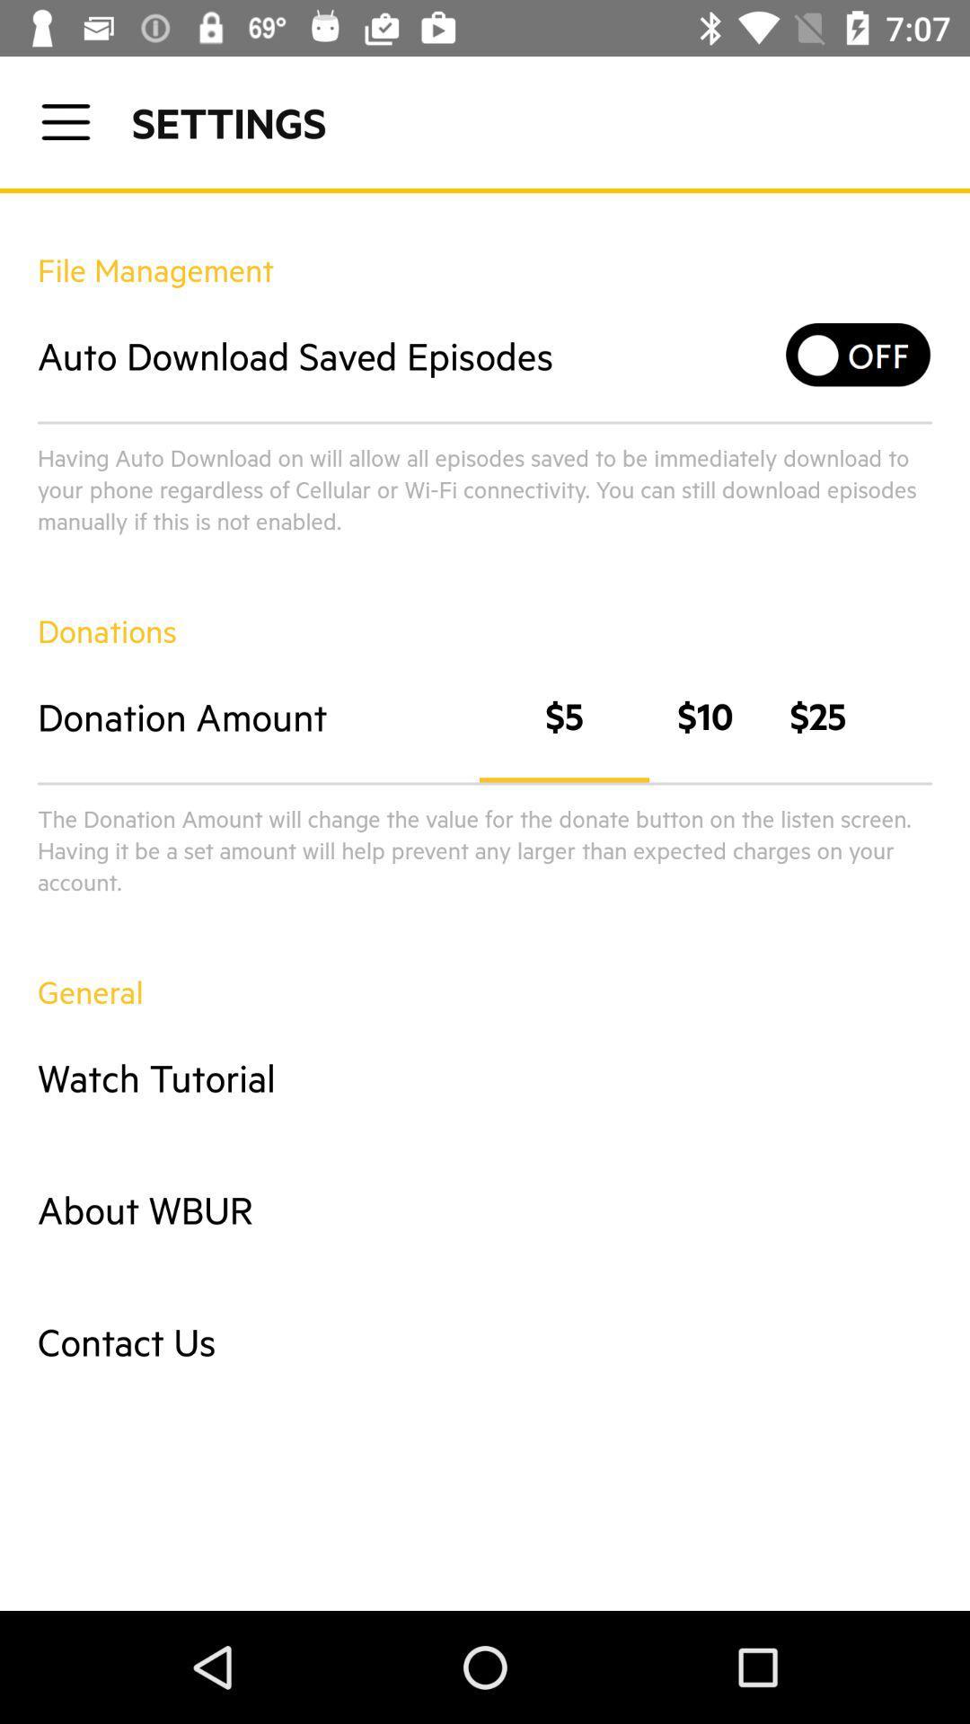 This screenshot has height=1724, width=970. What do you see at coordinates (858, 355) in the screenshot?
I see `auto download option` at bounding box center [858, 355].